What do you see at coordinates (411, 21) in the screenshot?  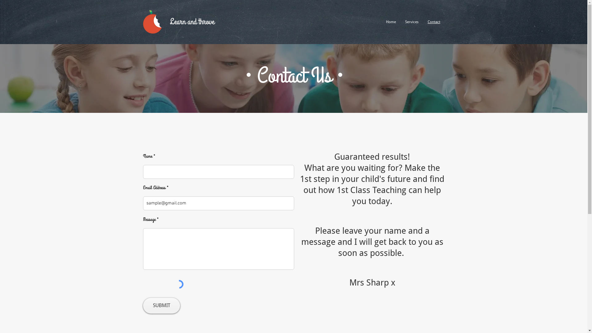 I see `'Services'` at bounding box center [411, 21].